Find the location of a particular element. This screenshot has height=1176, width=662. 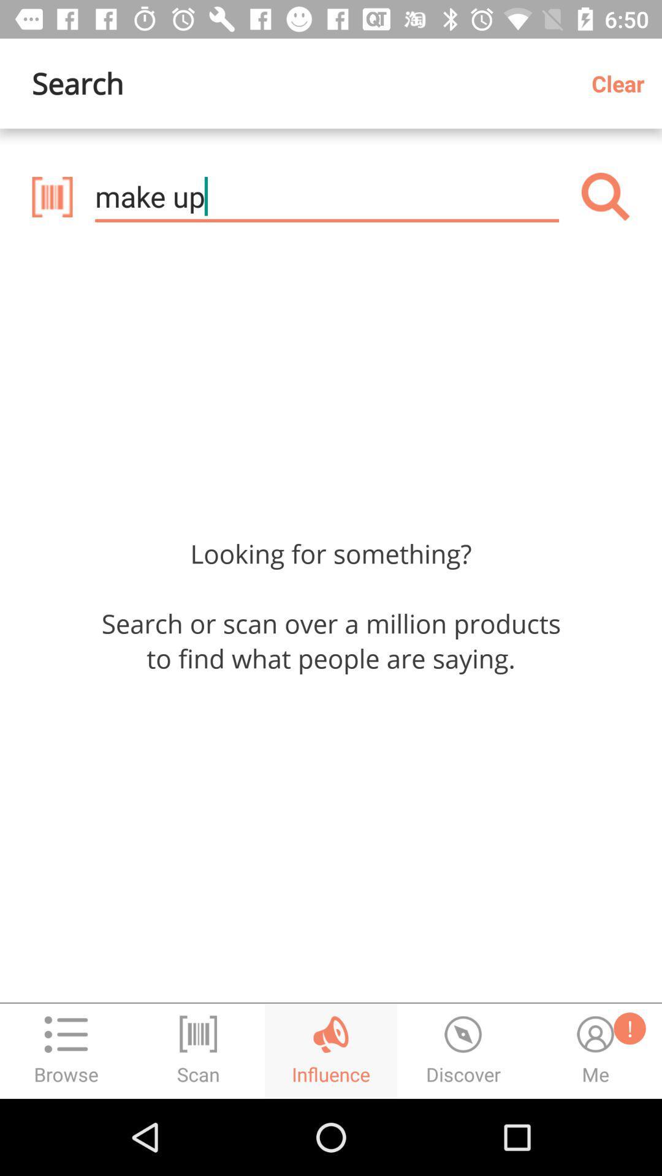

the item below clear icon is located at coordinates (605, 197).